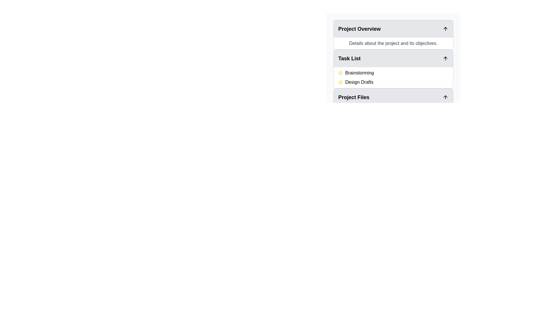 This screenshot has height=313, width=558. I want to click on the icon located at the far right of the 'Project Overview' section, so click(445, 29).